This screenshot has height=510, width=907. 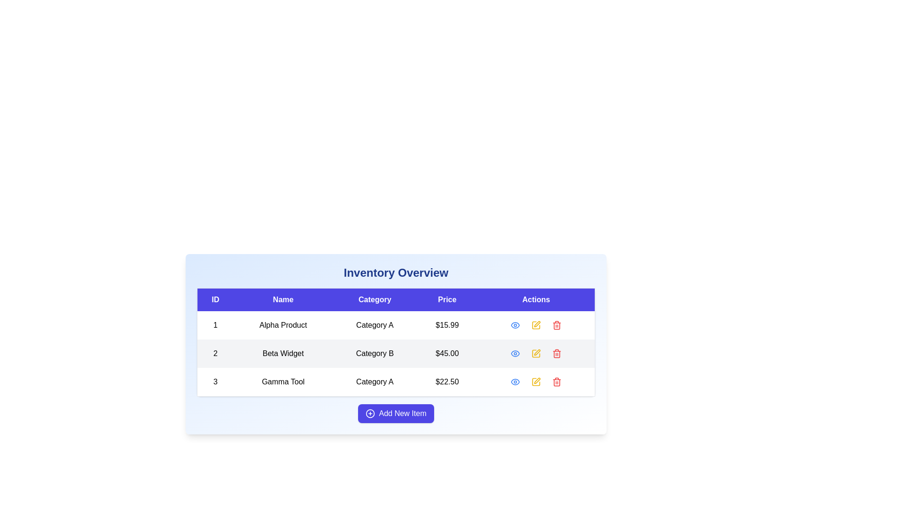 What do you see at coordinates (557, 325) in the screenshot?
I see `the trash icon in the 'Actions' column of the second row for the 'Beta Widget' in the 'Inventory Overview' table` at bounding box center [557, 325].